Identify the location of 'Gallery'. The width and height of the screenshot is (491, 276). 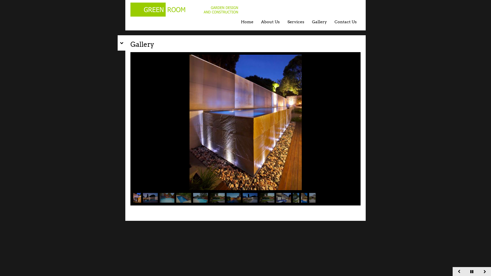
(319, 22).